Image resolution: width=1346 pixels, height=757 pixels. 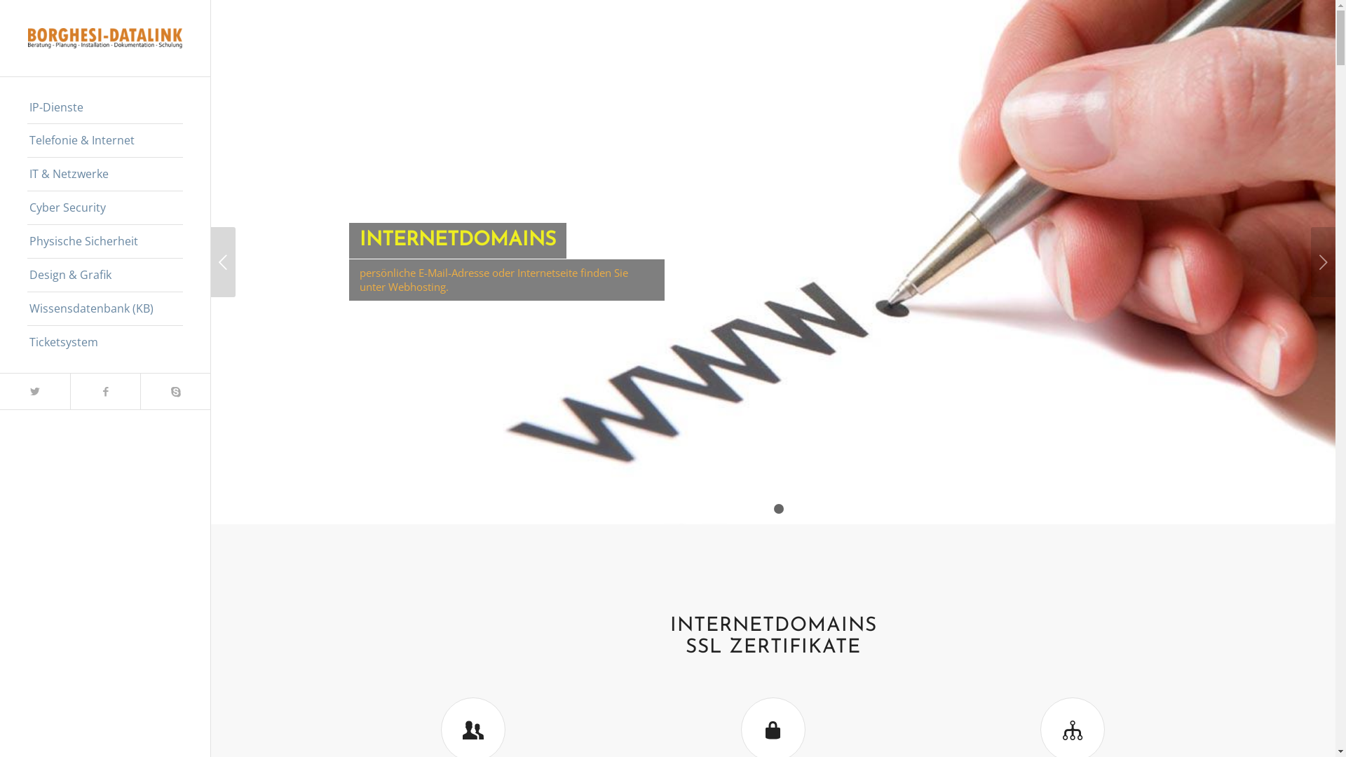 I want to click on 'Physische Sicherheit', so click(x=104, y=240).